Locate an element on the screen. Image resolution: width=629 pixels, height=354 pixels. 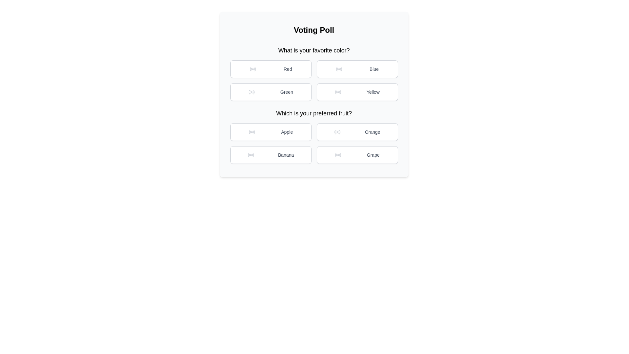
the button labeled 'Orange' with a white background and gray border is located at coordinates (357, 132).